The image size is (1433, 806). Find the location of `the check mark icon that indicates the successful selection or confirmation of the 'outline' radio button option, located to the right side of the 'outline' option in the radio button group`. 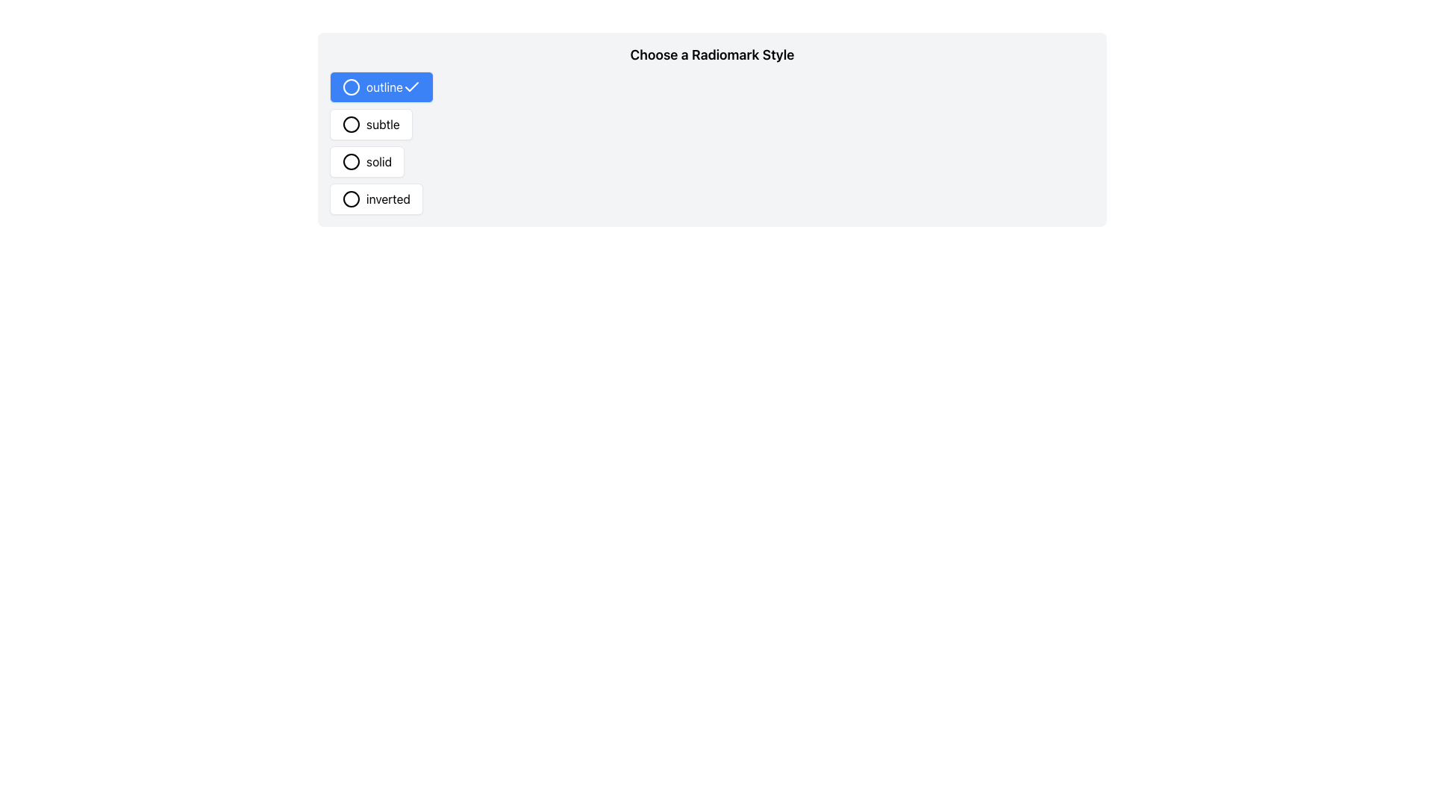

the check mark icon that indicates the successful selection or confirmation of the 'outline' radio button option, located to the right side of the 'outline' option in the radio button group is located at coordinates (411, 87).